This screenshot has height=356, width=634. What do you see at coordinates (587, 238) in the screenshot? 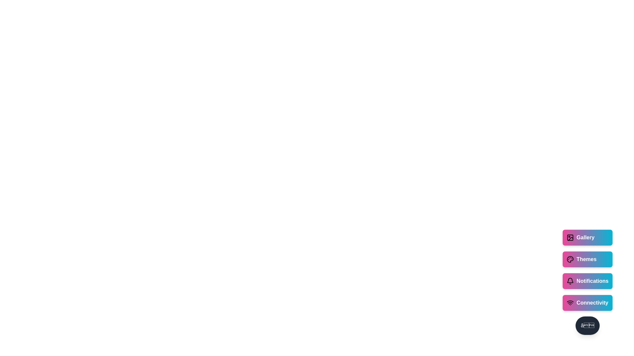
I see `the 'Gallery' button, which is a rectangular button with a gradient background from pink to cyan, containing a black outline icon of an image with a mountain and sun, and the label 'Gallery' in bold white font` at bounding box center [587, 238].